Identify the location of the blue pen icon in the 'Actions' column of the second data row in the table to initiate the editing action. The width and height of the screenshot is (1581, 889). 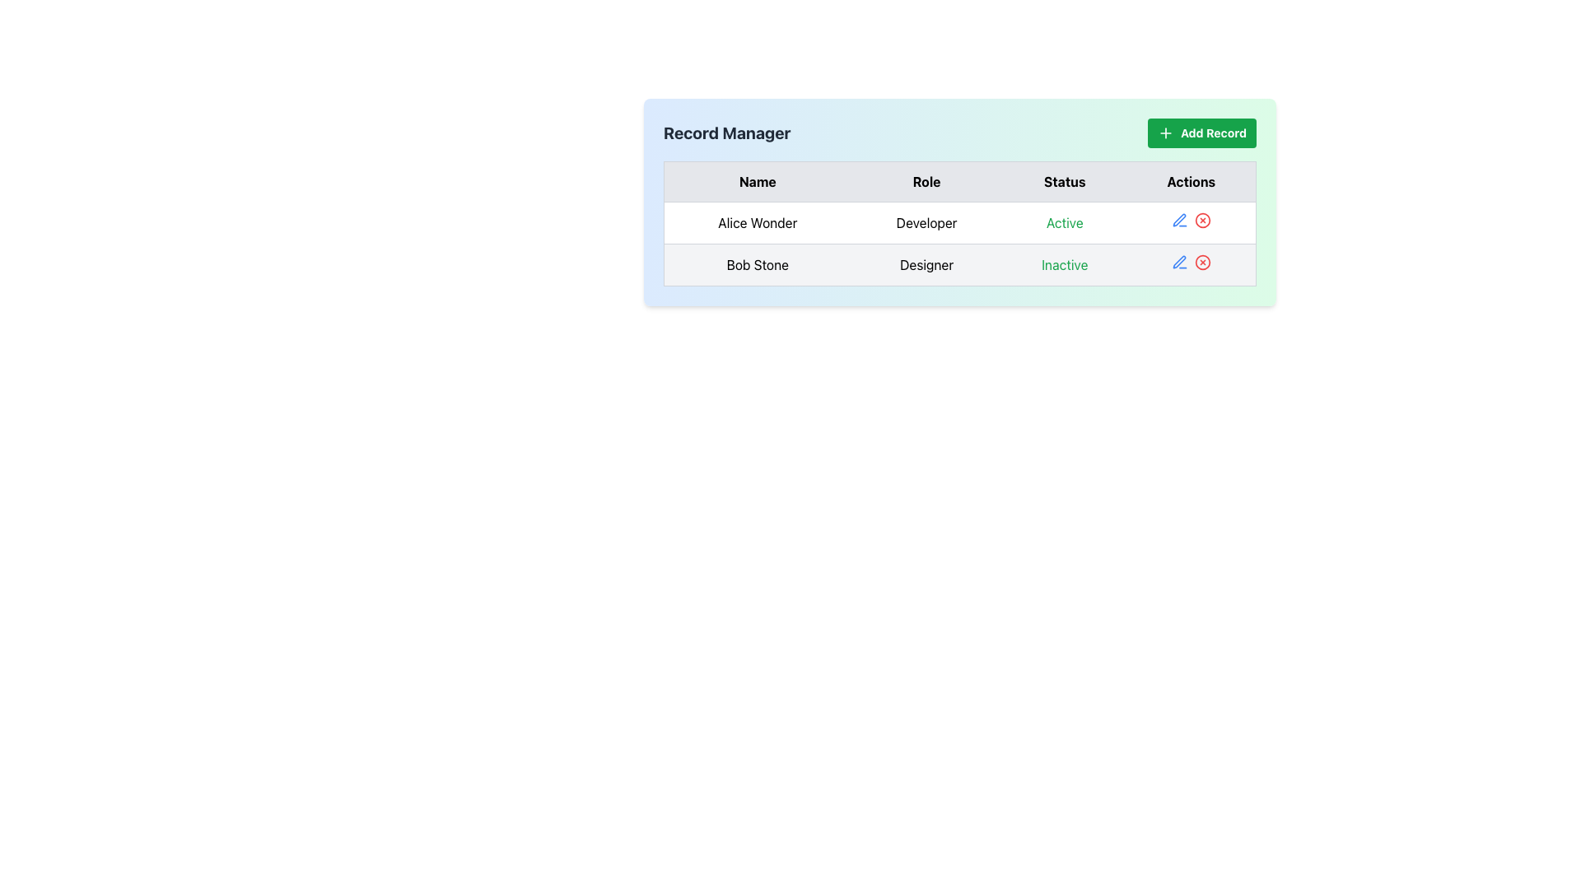
(1178, 219).